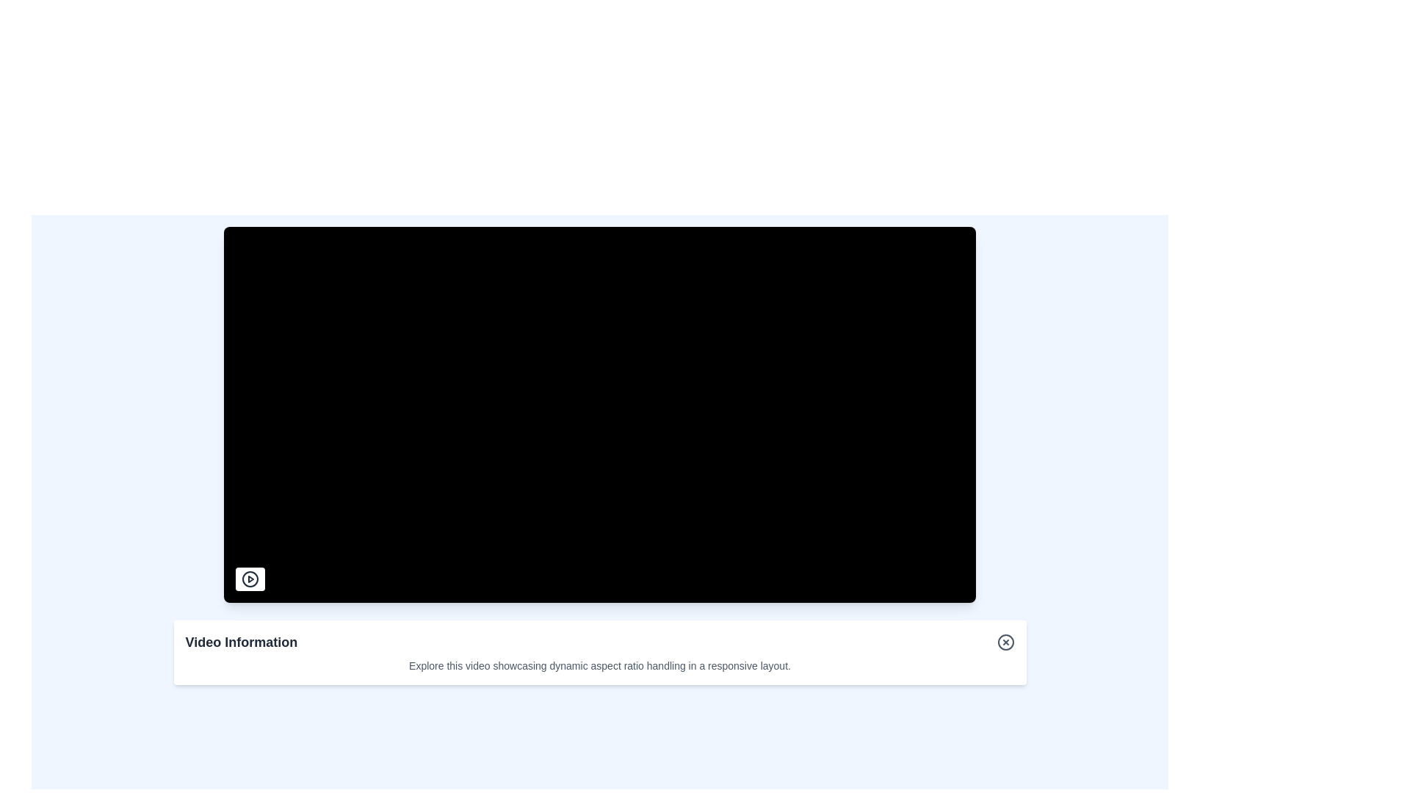  Describe the element at coordinates (250, 579) in the screenshot. I see `the play button SVG icon, which is a circular button with a black outline and a solid black triangular play symbol inside` at that location.